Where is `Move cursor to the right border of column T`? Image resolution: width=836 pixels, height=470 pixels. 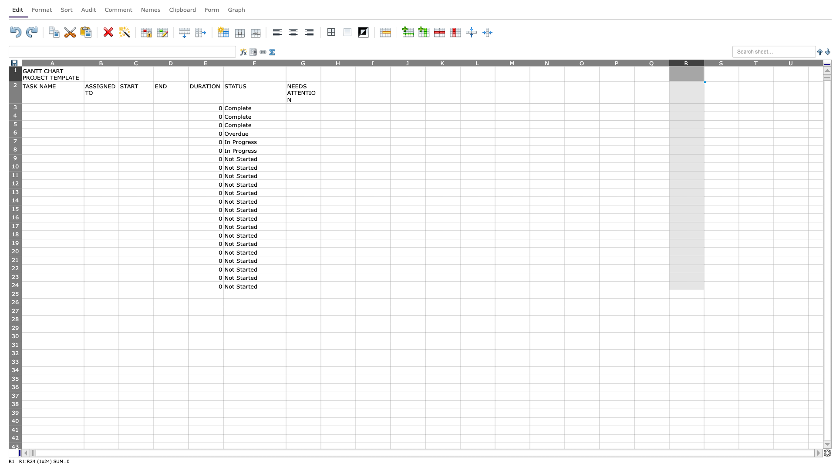
Move cursor to the right border of column T is located at coordinates (773, 62).